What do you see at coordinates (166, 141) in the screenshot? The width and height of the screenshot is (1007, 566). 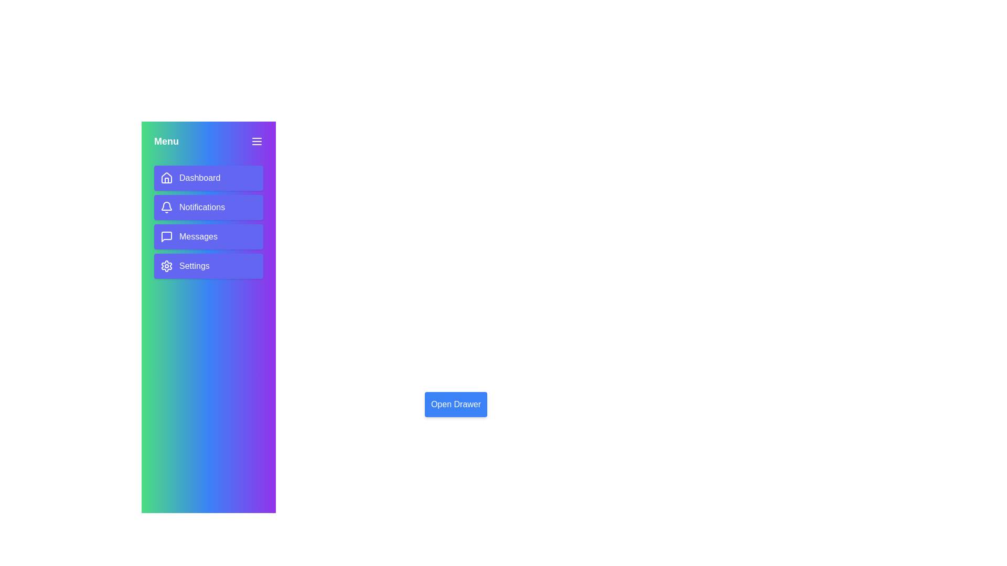 I see `the 'Menu' header text` at bounding box center [166, 141].